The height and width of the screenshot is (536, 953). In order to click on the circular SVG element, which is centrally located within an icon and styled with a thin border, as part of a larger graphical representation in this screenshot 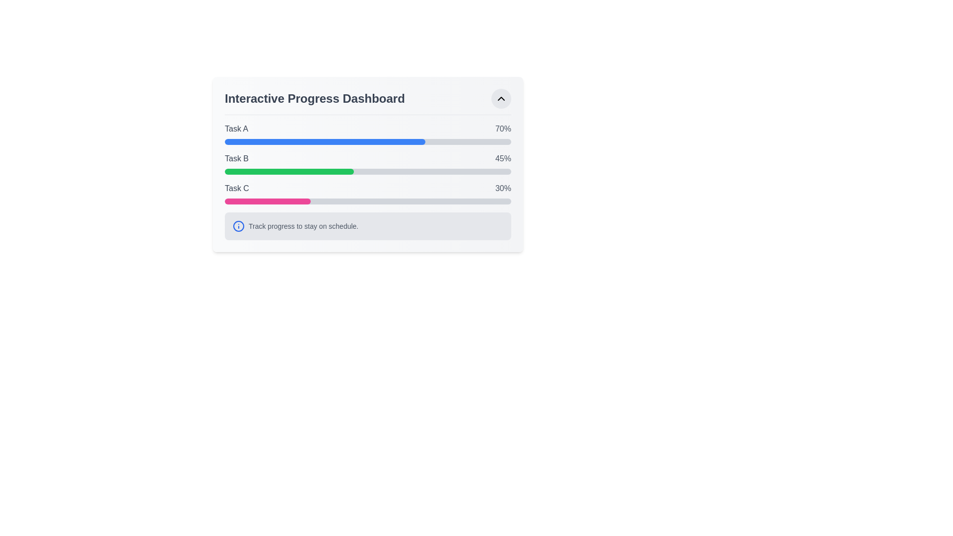, I will do `click(238, 226)`.